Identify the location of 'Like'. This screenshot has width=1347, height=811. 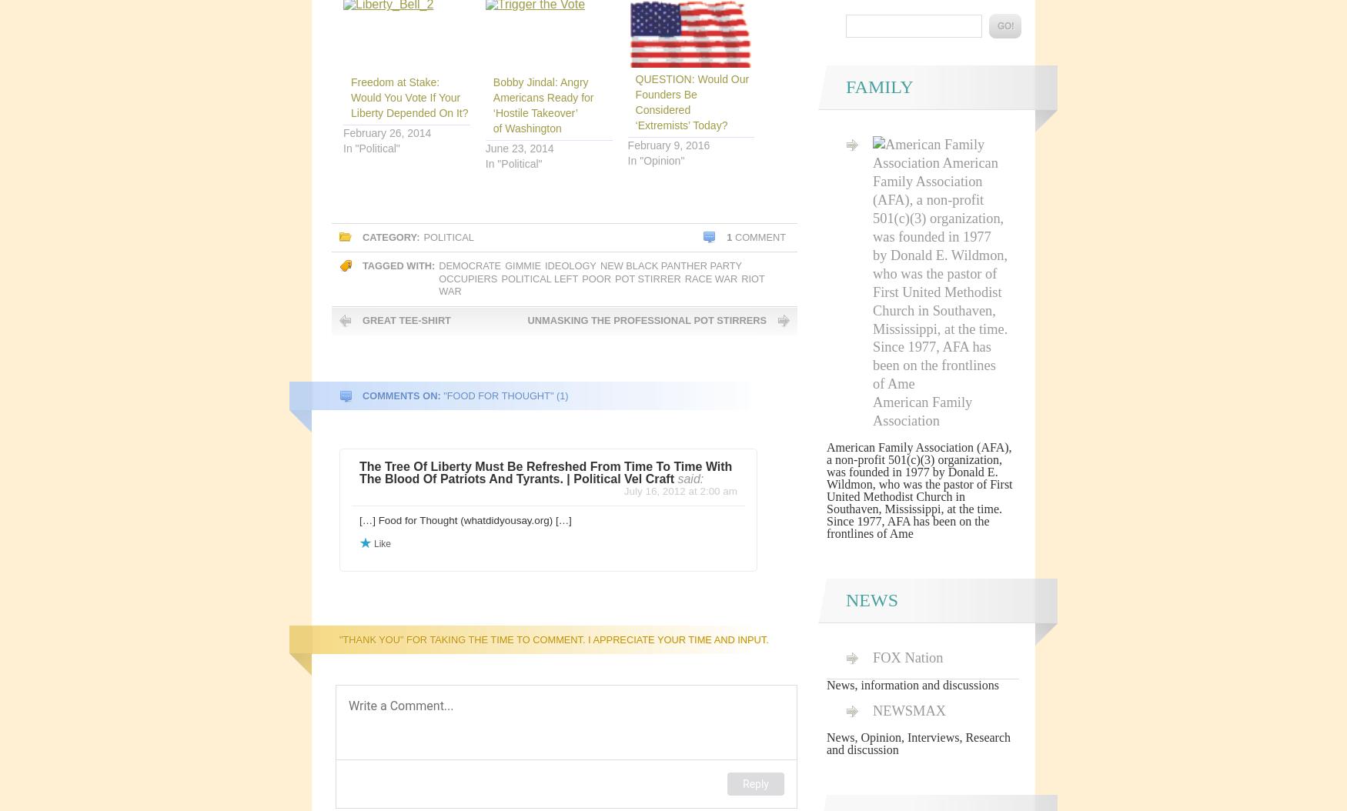
(382, 542).